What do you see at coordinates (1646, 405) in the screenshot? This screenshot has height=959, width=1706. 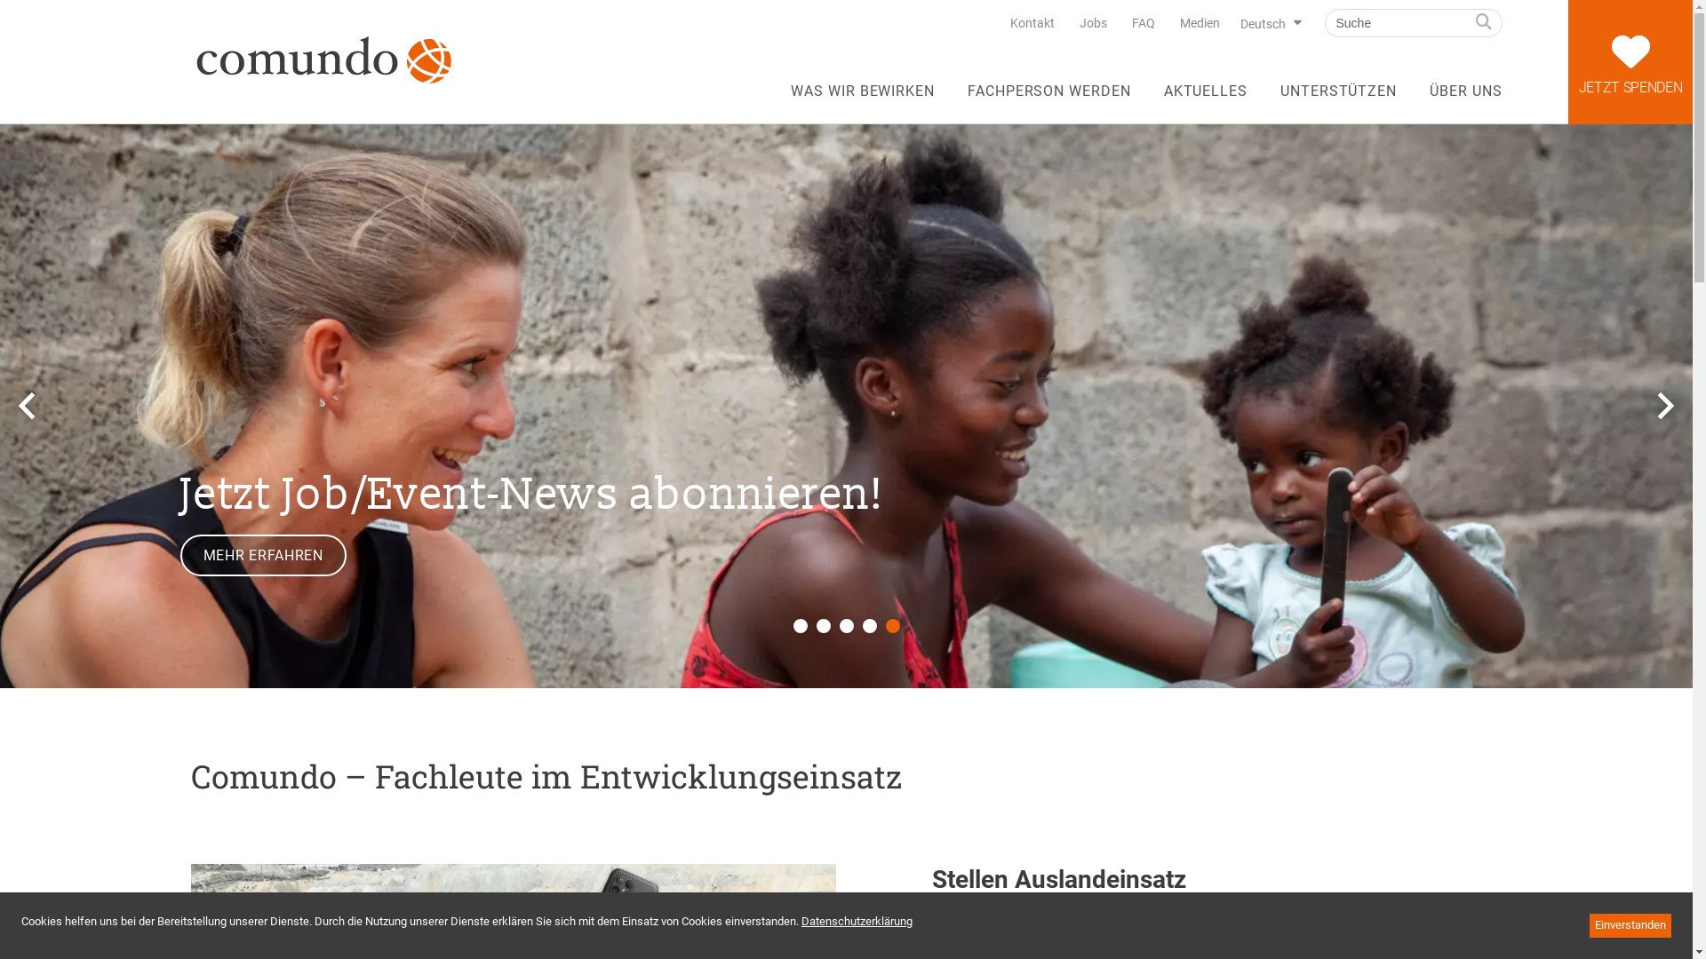 I see `'Next'` at bounding box center [1646, 405].